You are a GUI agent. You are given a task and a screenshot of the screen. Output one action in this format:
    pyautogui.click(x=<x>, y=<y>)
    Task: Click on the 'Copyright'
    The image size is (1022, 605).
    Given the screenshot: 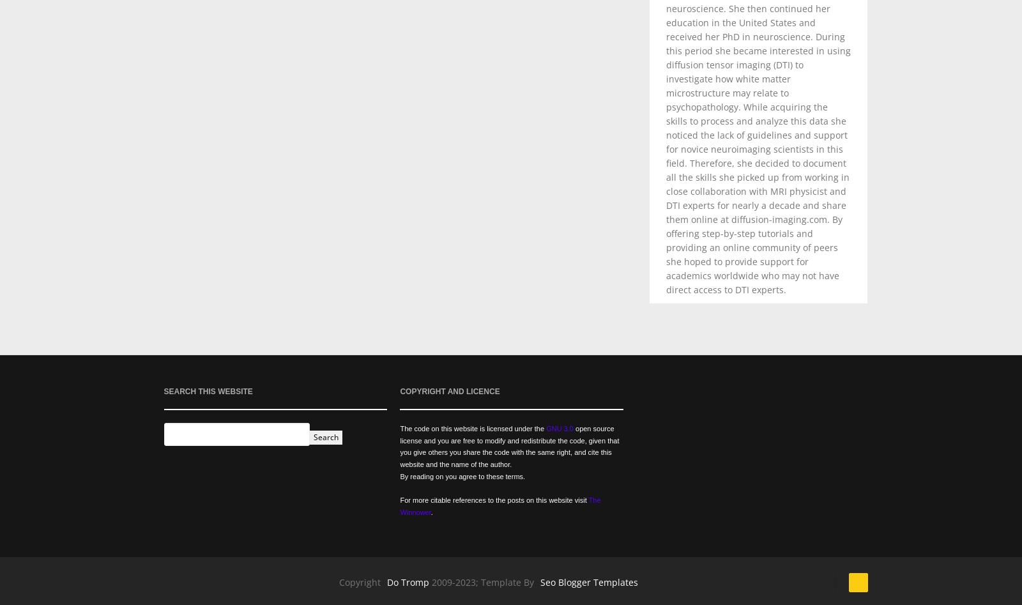 What is the action you would take?
    pyautogui.click(x=358, y=581)
    